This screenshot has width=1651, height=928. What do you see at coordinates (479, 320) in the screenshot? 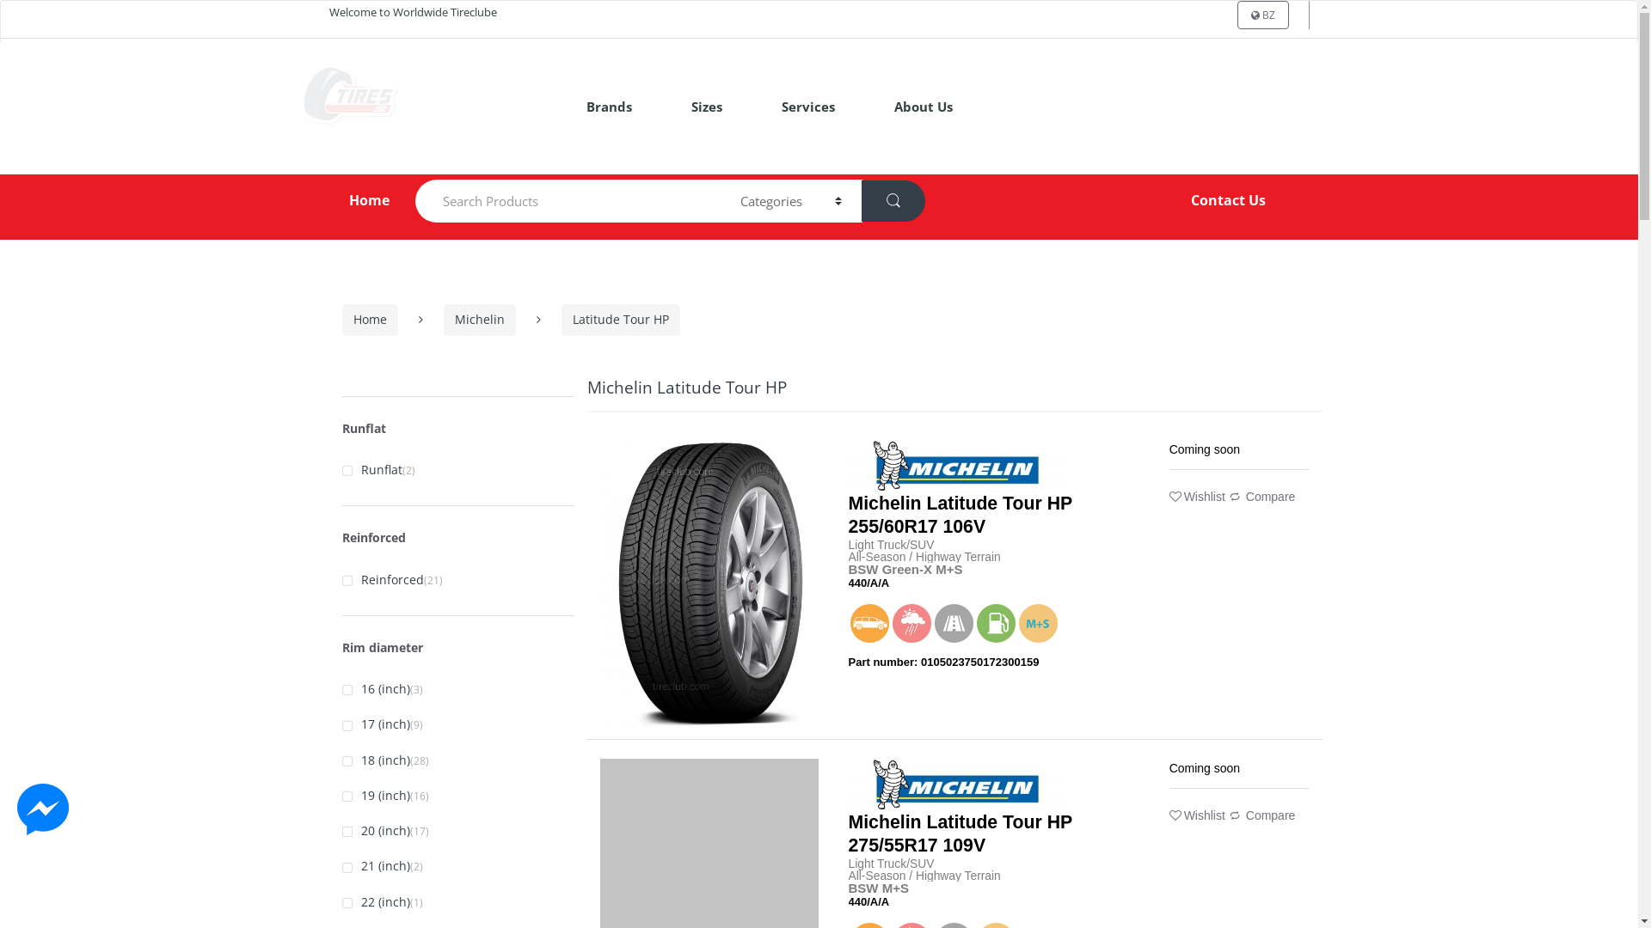
I see `'Michelin'` at bounding box center [479, 320].